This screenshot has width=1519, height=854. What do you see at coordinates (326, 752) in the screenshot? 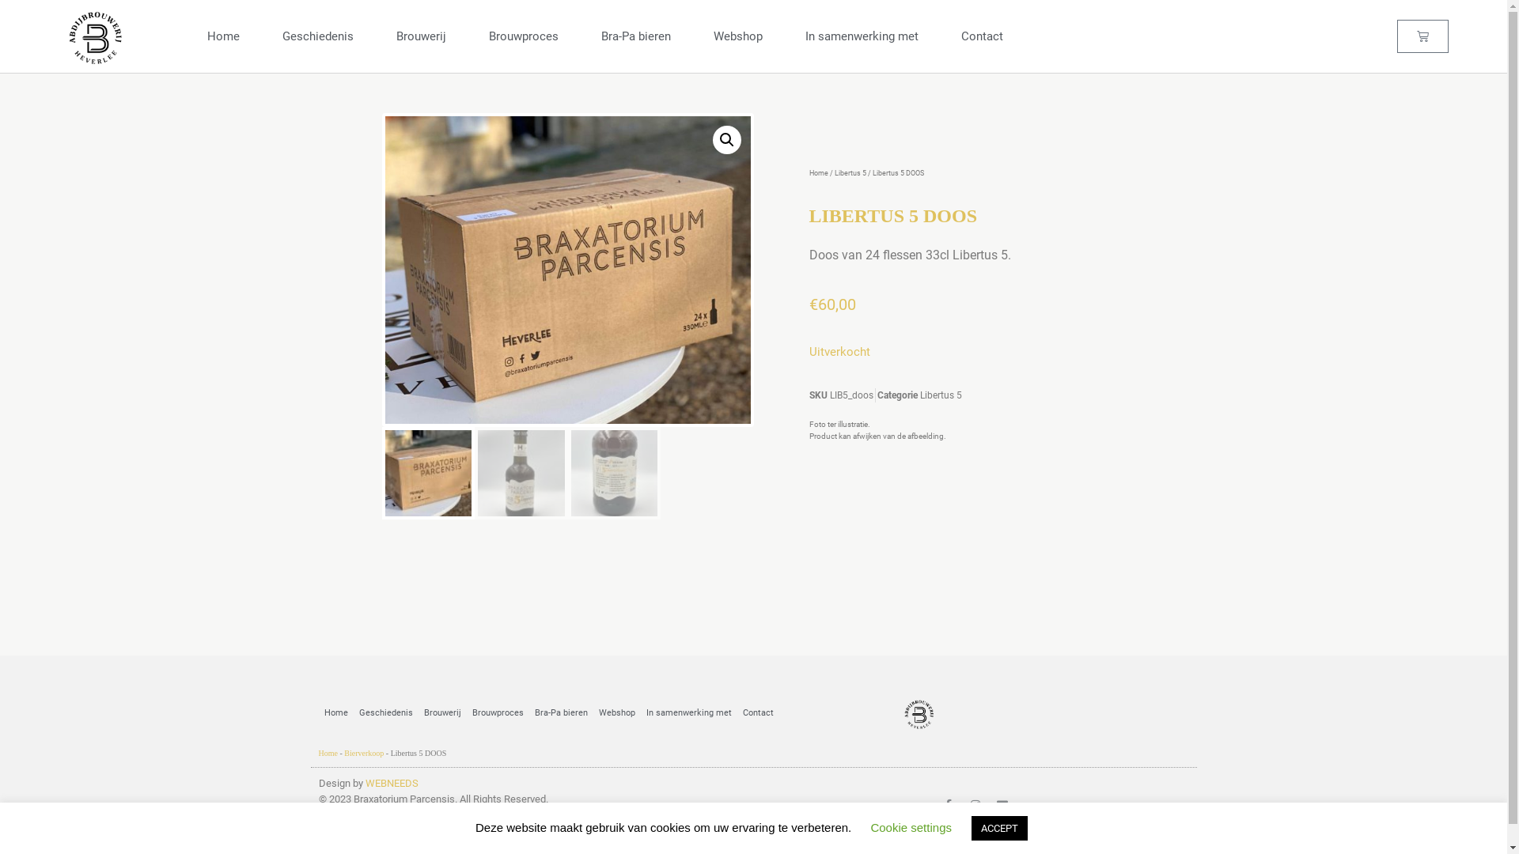
I see `'Home'` at bounding box center [326, 752].